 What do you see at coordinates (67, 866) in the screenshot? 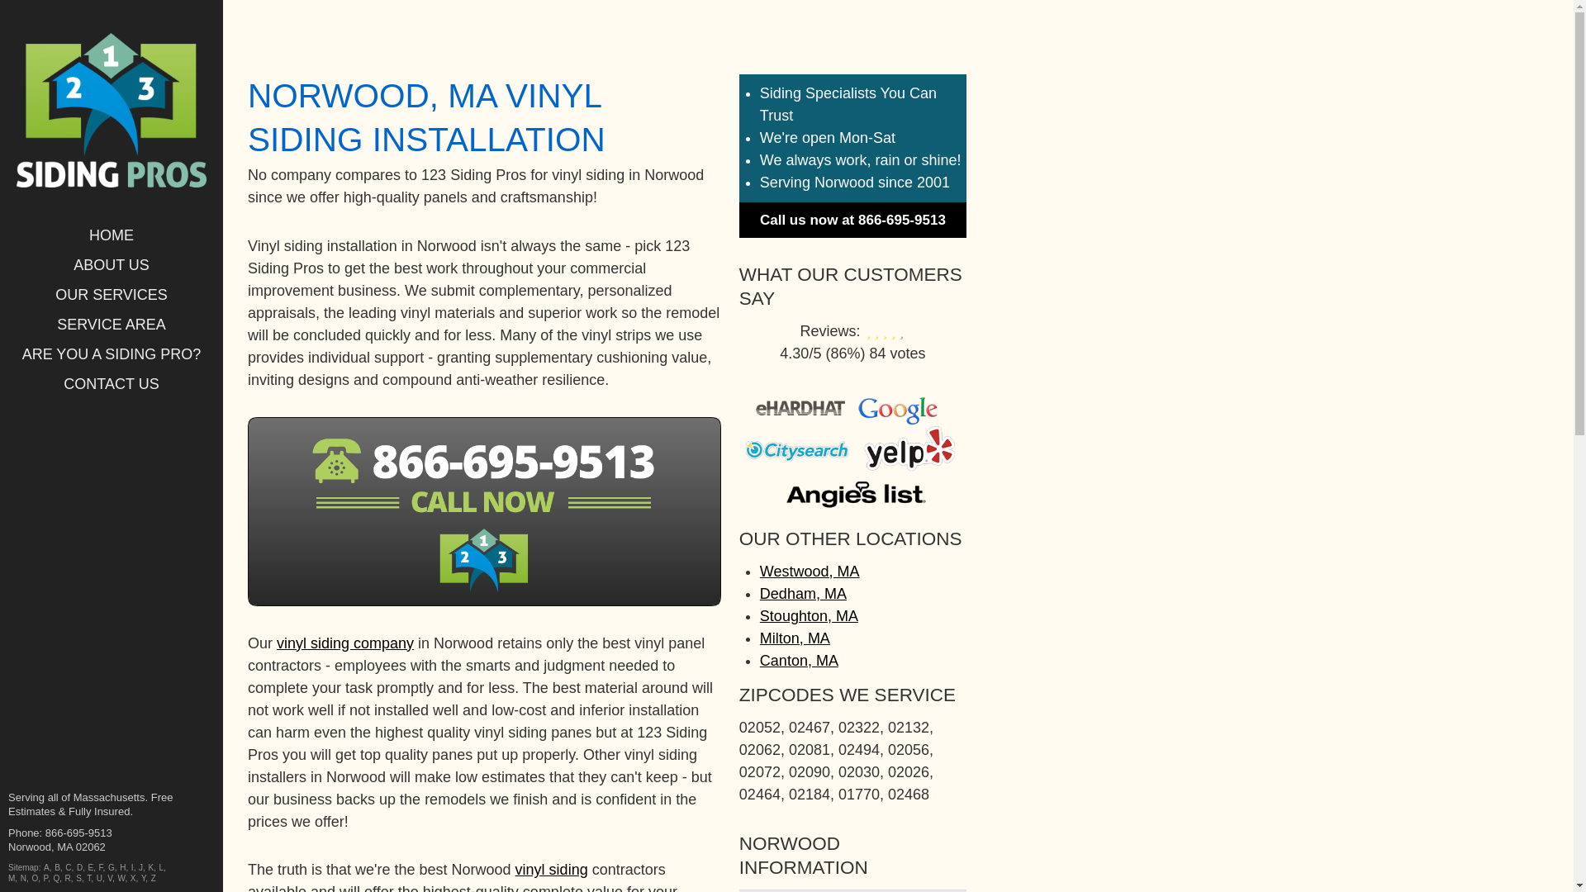
I see `'C'` at bounding box center [67, 866].